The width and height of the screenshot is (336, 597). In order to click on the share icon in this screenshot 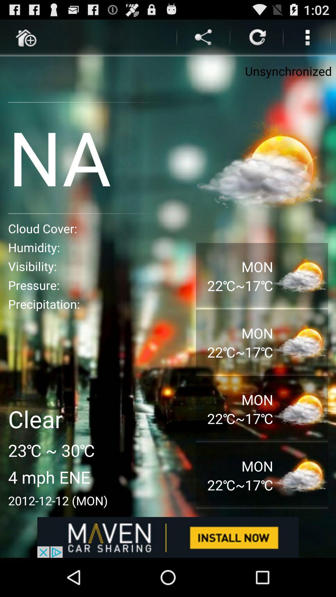, I will do `click(204, 39)`.